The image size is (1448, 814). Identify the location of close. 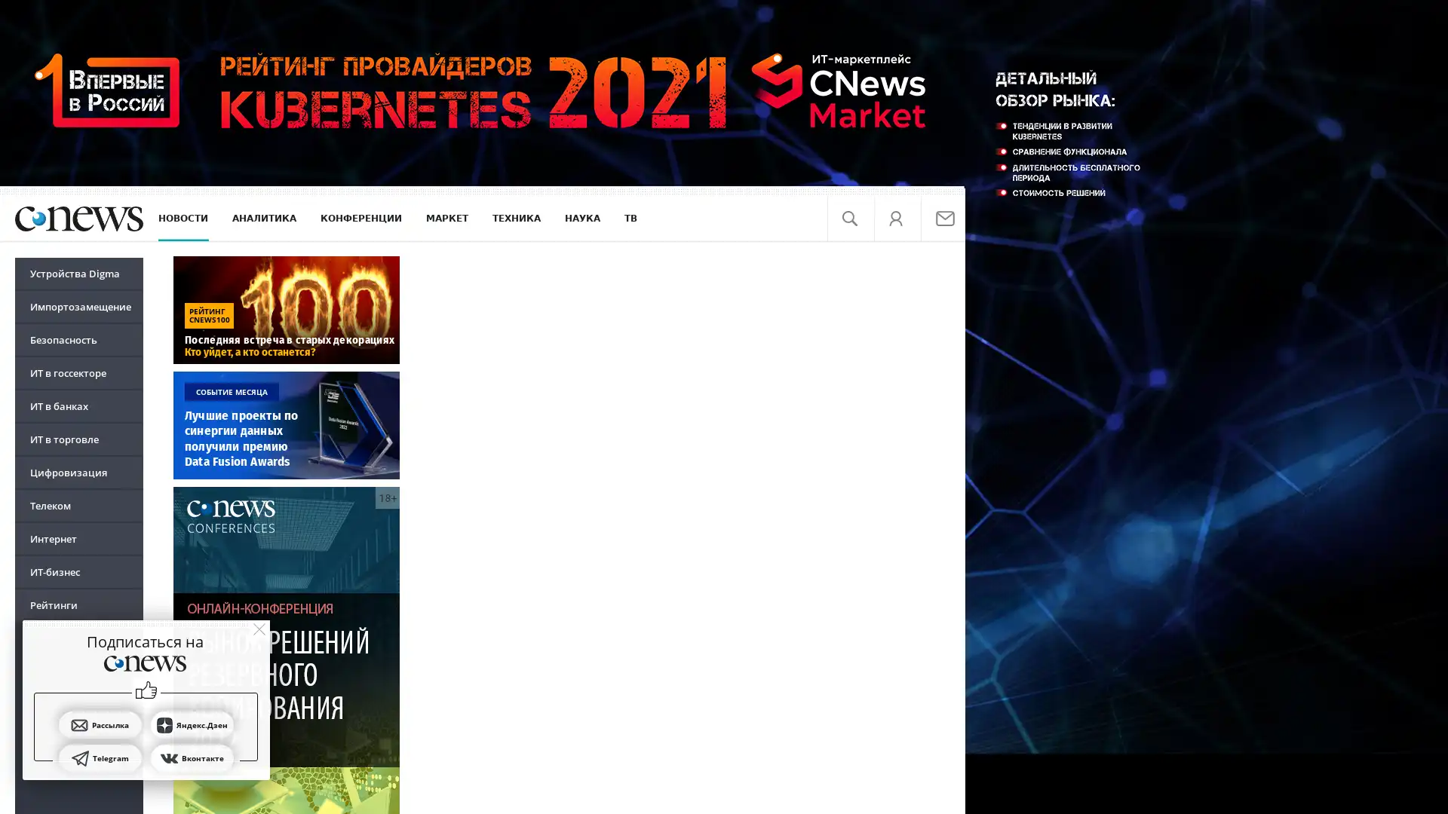
(259, 630).